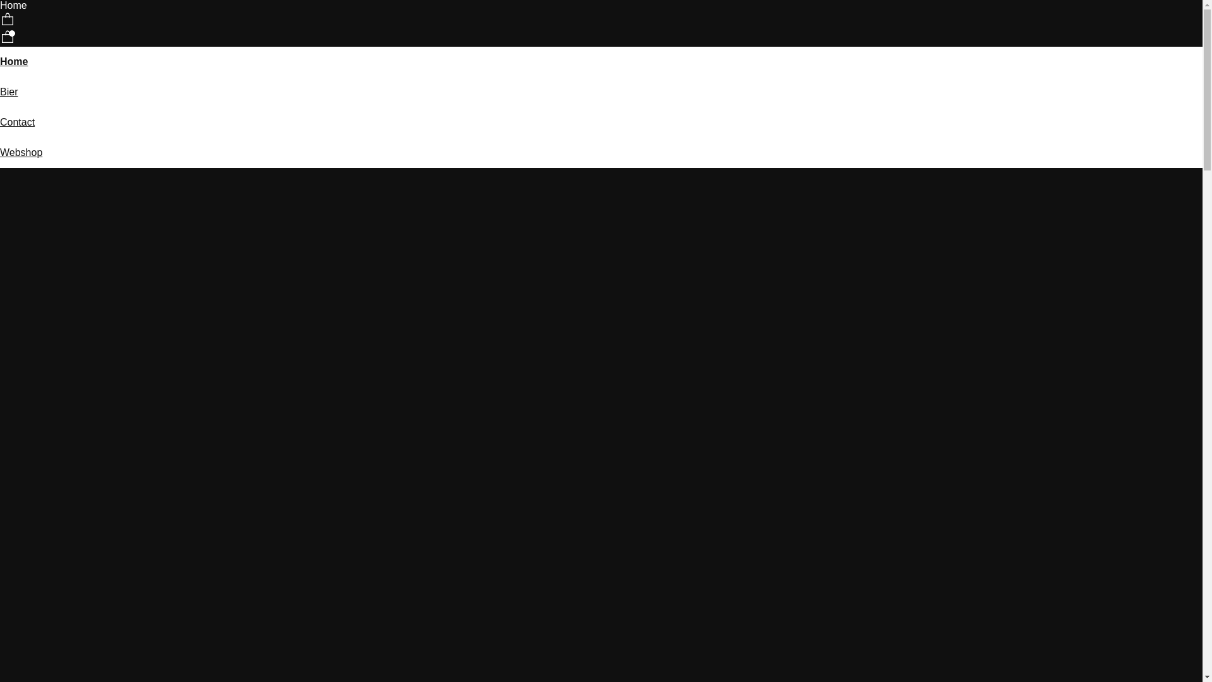 The image size is (1212, 682). Describe the element at coordinates (17, 122) in the screenshot. I see `'Contact'` at that location.